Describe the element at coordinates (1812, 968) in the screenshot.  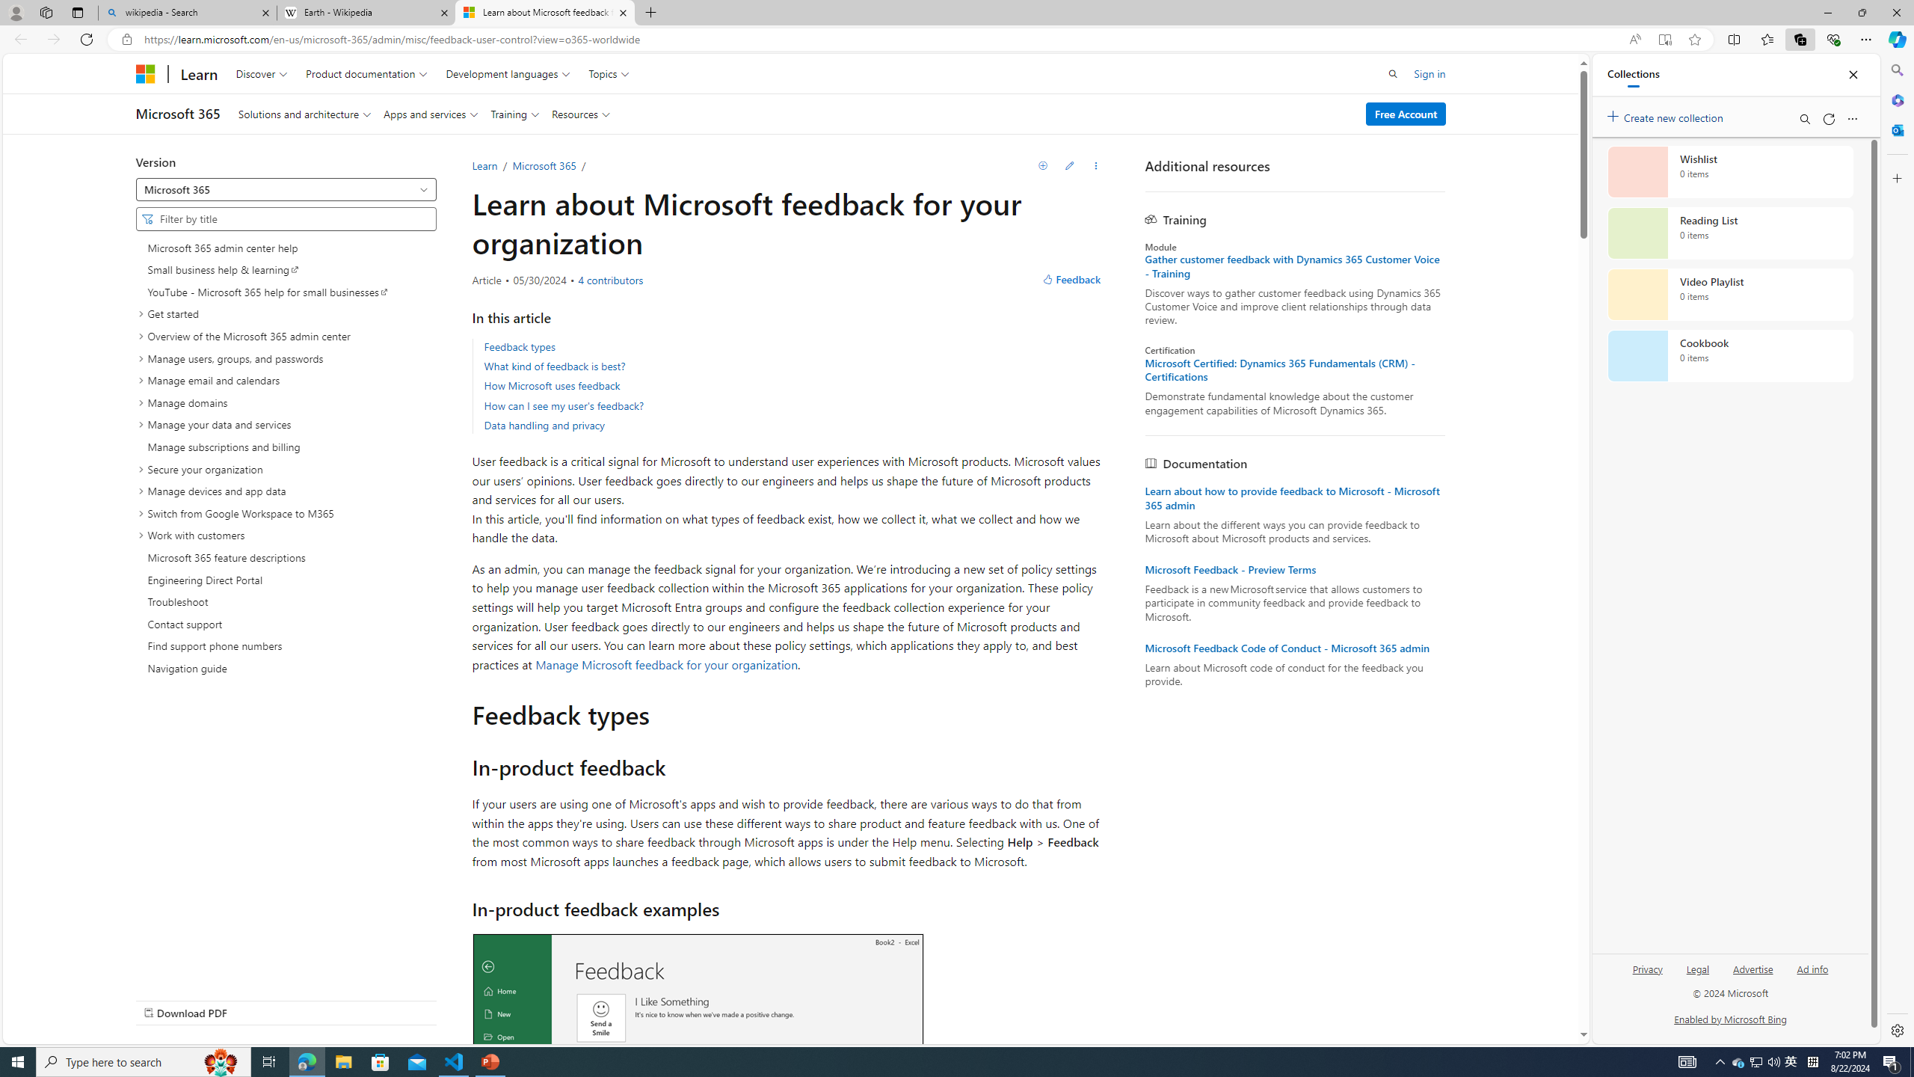
I see `'Ad info'` at that location.